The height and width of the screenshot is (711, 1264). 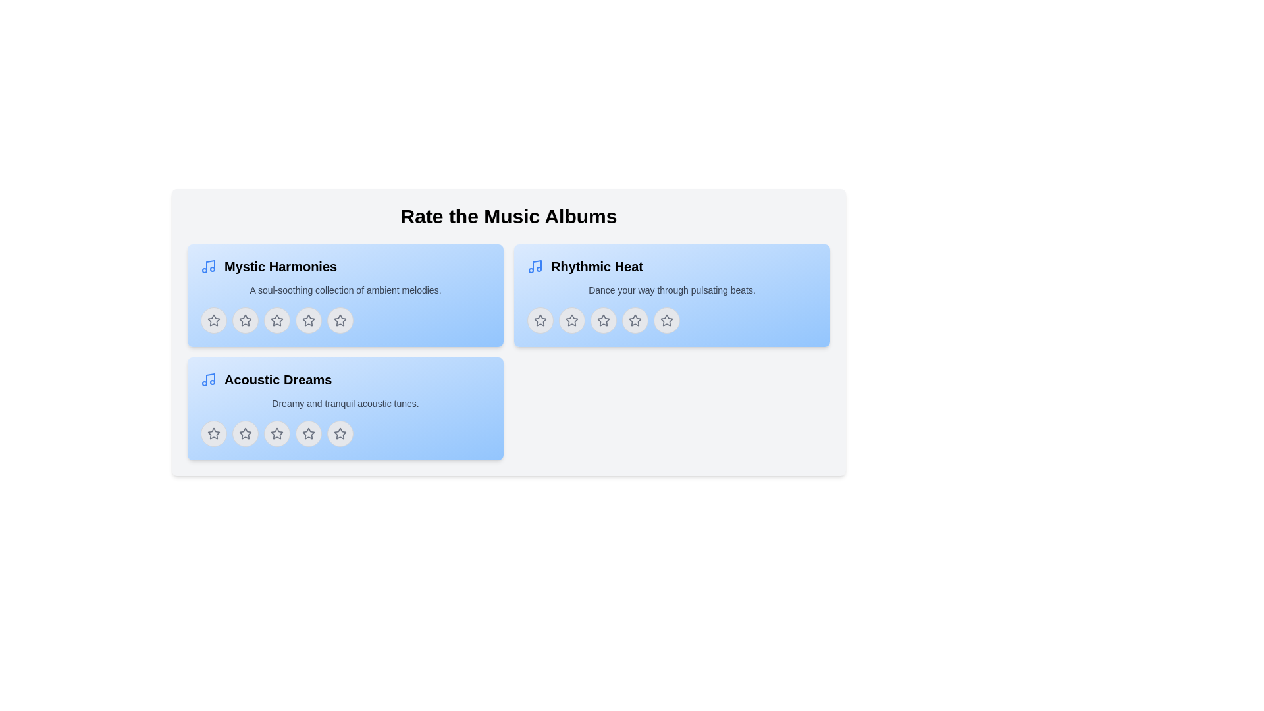 What do you see at coordinates (308, 320) in the screenshot?
I see `the Rating star button, which is a circular button with a star icon, located in the middle row of a grid layout as the fourth button in the sequence` at bounding box center [308, 320].